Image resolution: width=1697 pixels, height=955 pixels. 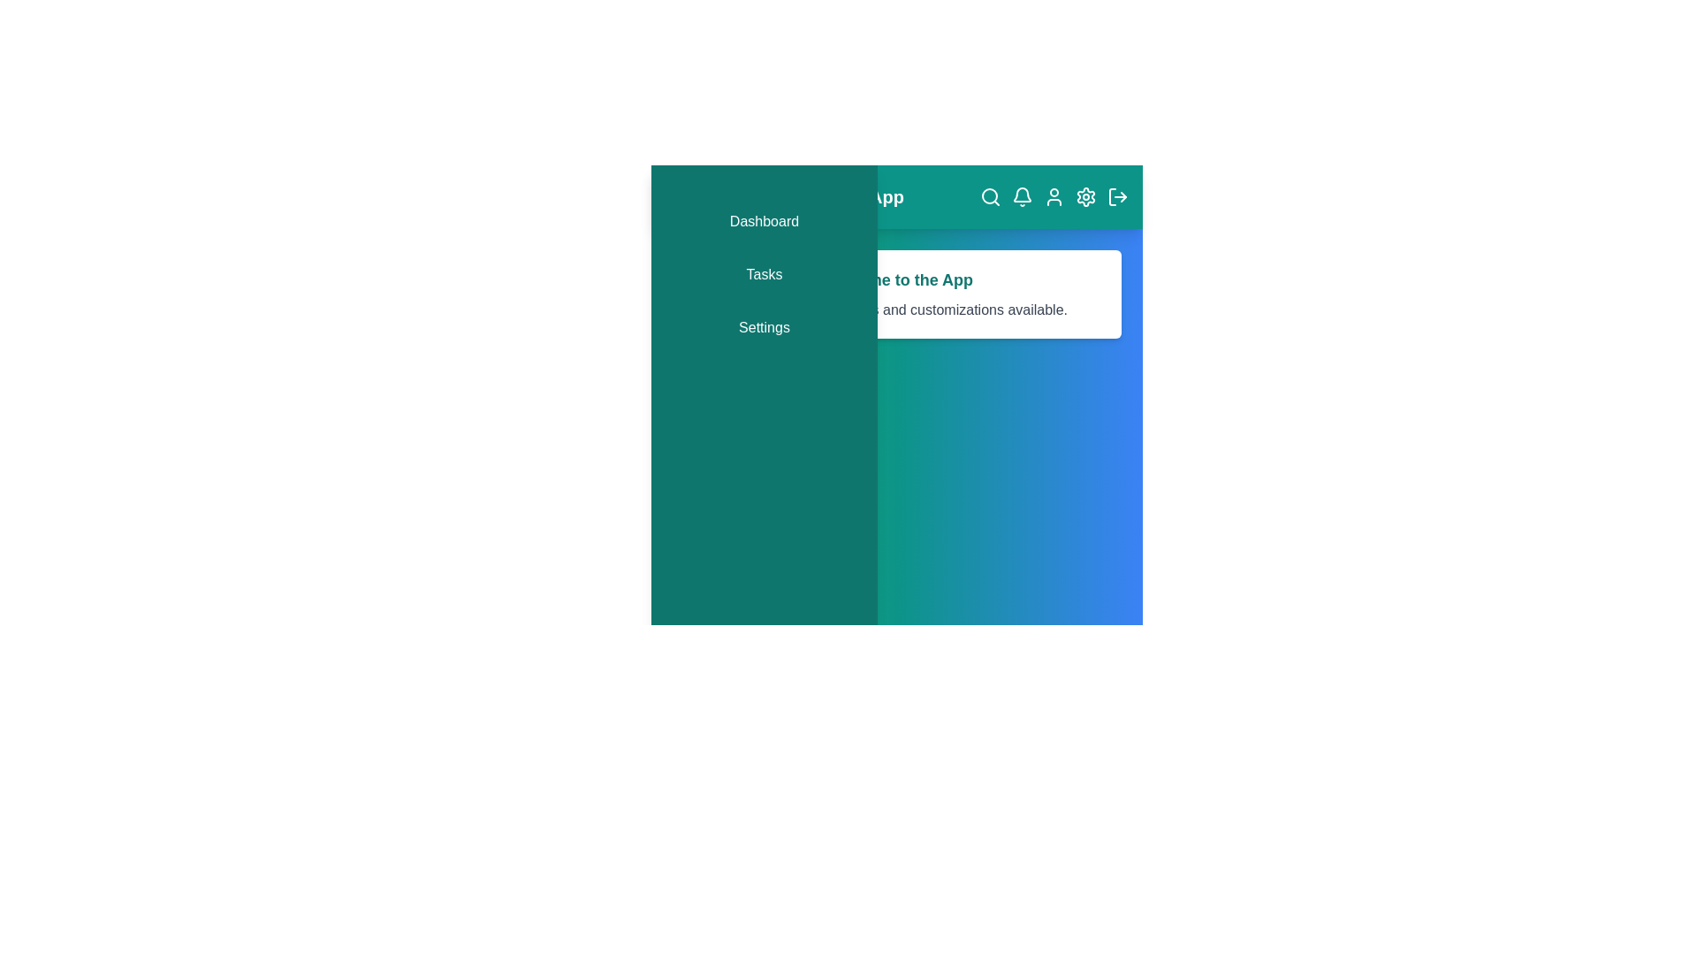 What do you see at coordinates (1054, 197) in the screenshot?
I see `the 'User' icon to access user-related options` at bounding box center [1054, 197].